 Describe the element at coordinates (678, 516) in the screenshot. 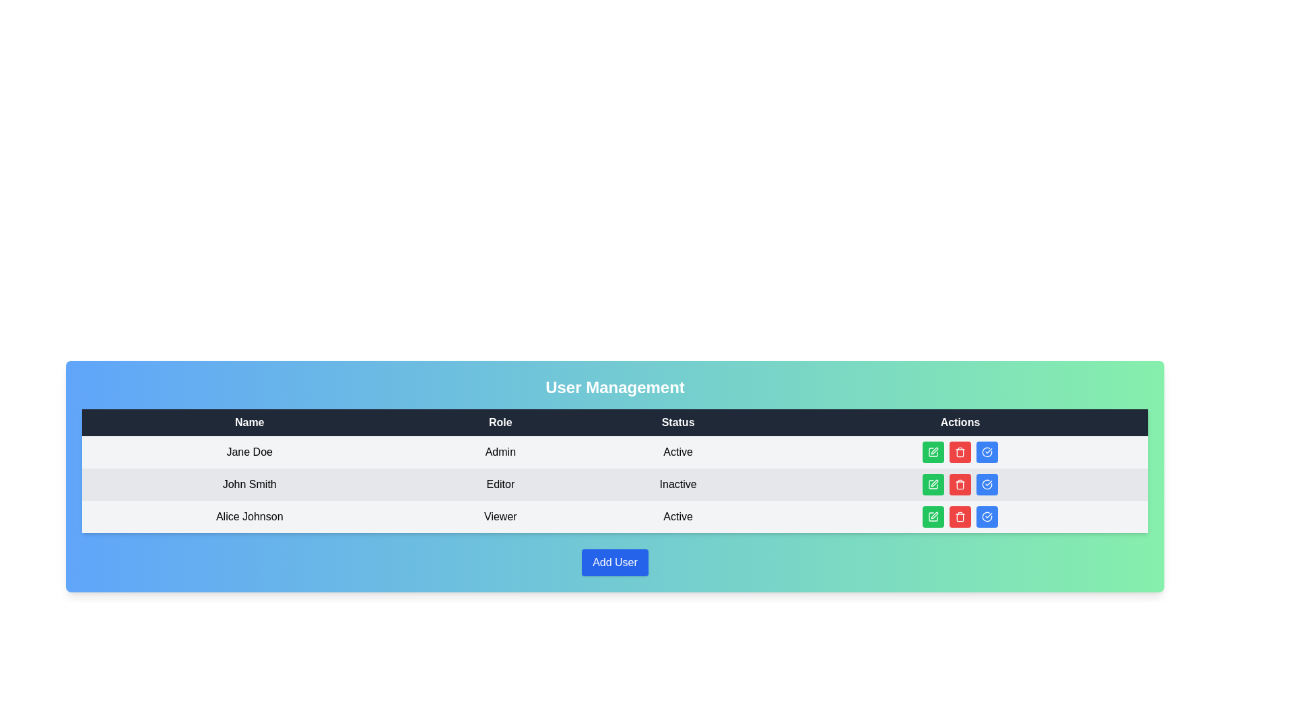

I see `the static text label displaying 'Active' indicating the status of user 'Alice Johnson' in the user management table` at that location.